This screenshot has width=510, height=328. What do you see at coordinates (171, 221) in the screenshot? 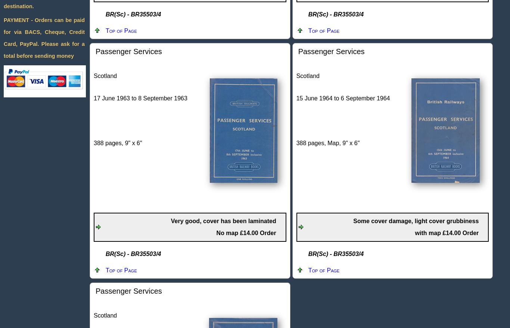
I see `'Very good, cover has been laminated'` at bounding box center [171, 221].